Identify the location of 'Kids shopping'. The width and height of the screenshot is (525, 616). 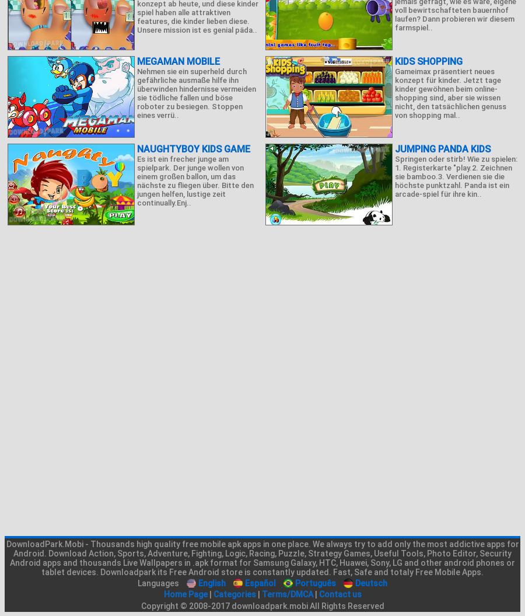
(428, 61).